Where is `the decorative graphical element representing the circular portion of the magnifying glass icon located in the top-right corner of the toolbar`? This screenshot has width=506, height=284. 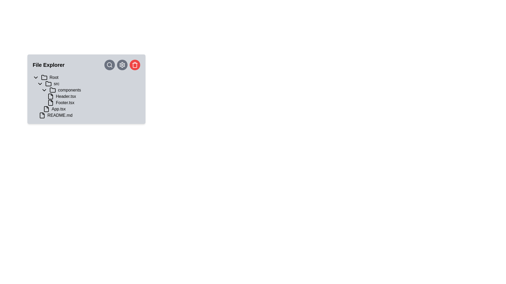 the decorative graphical element representing the circular portion of the magnifying glass icon located in the top-right corner of the toolbar is located at coordinates (109, 64).